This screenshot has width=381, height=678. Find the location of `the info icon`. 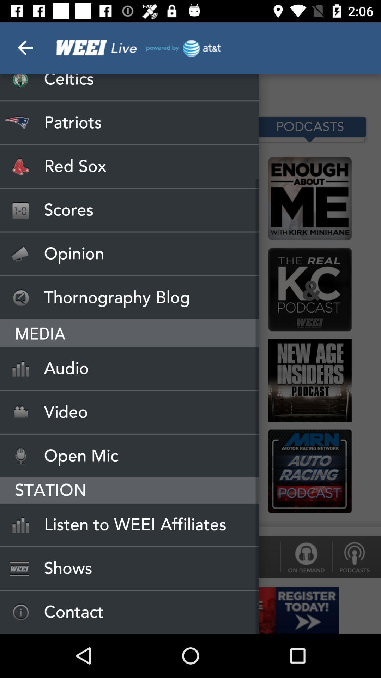

the info icon is located at coordinates (306, 557).